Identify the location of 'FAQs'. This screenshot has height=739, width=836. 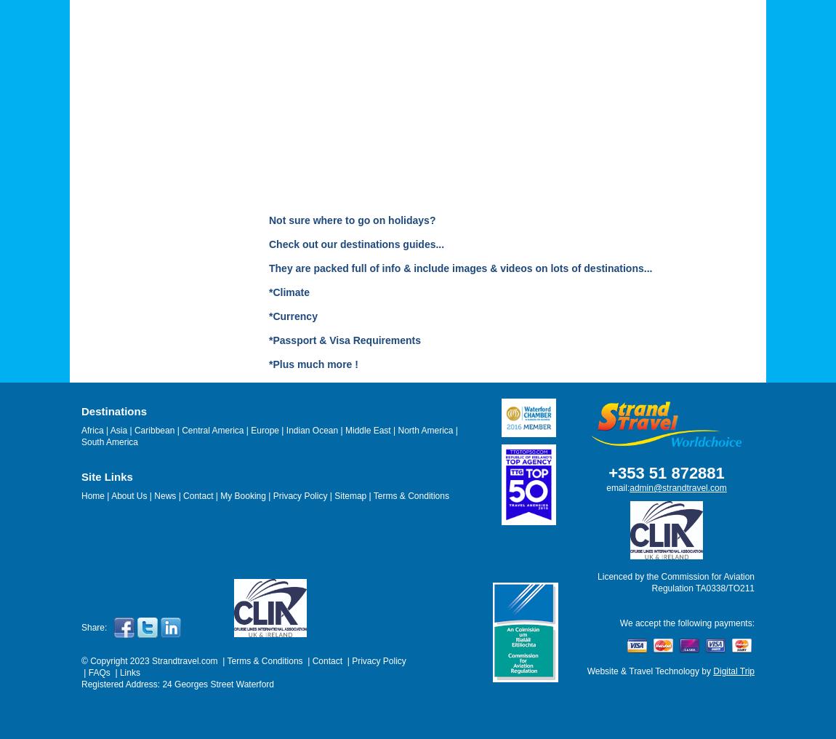
(98, 671).